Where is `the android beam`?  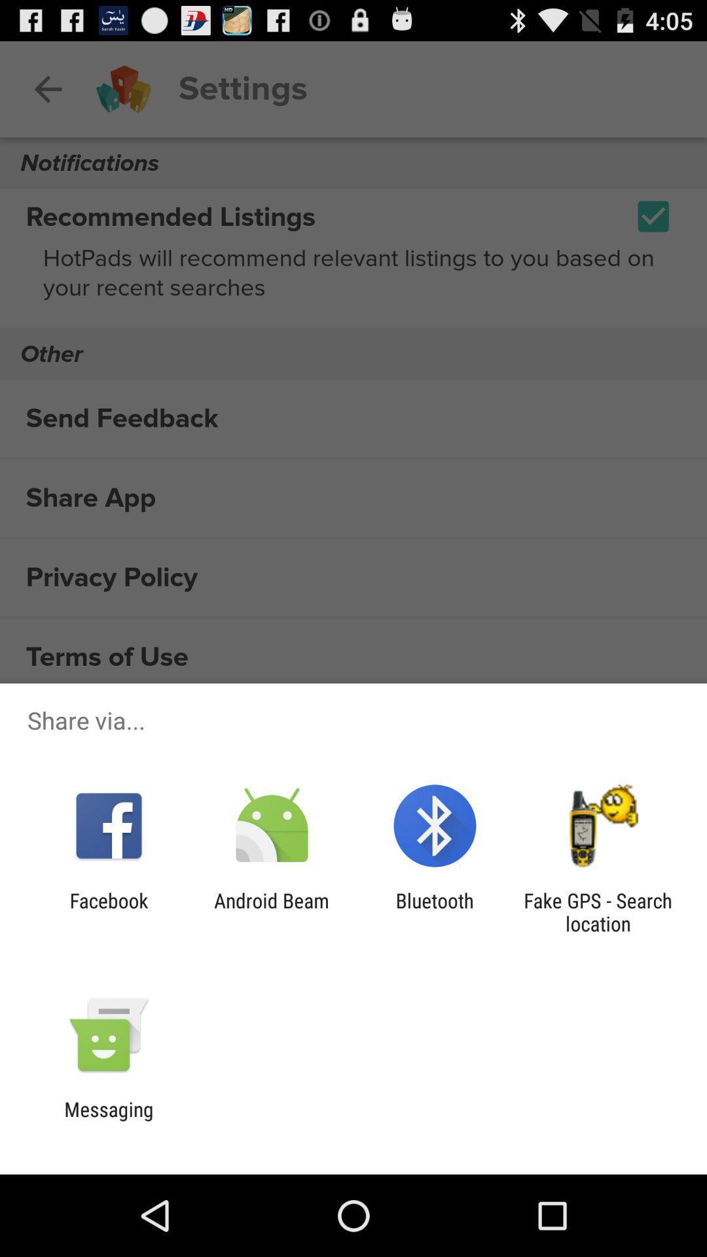
the android beam is located at coordinates (271, 911).